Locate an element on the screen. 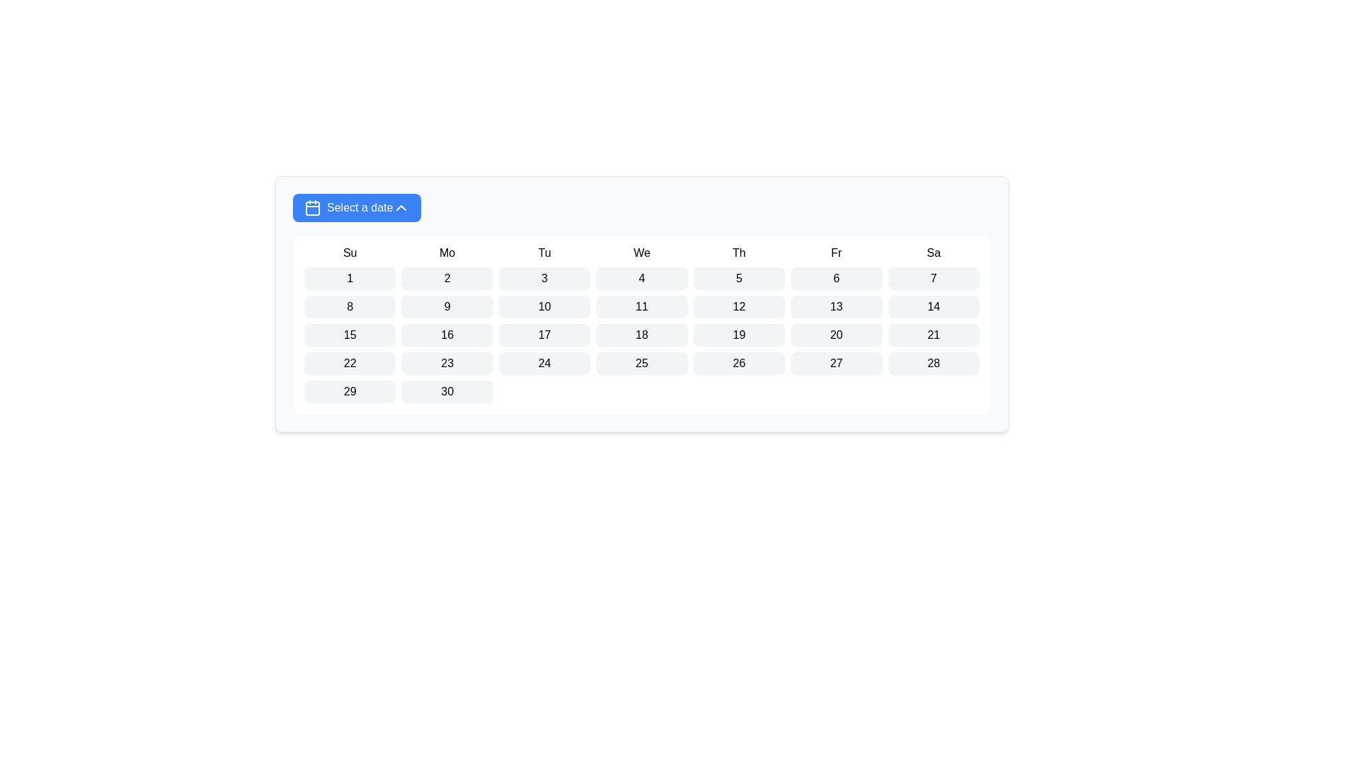 Image resolution: width=1359 pixels, height=764 pixels. 'Thursday' text label in the calendar's weekday header for styling or positioning is located at coordinates (738, 253).